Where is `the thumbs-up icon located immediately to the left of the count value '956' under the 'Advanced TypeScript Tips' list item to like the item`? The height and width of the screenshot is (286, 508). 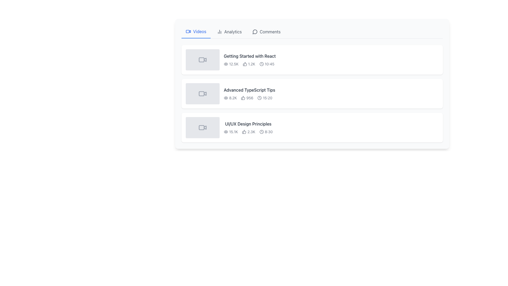 the thumbs-up icon located immediately to the left of the count value '956' under the 'Advanced TypeScript Tips' list item to like the item is located at coordinates (243, 98).